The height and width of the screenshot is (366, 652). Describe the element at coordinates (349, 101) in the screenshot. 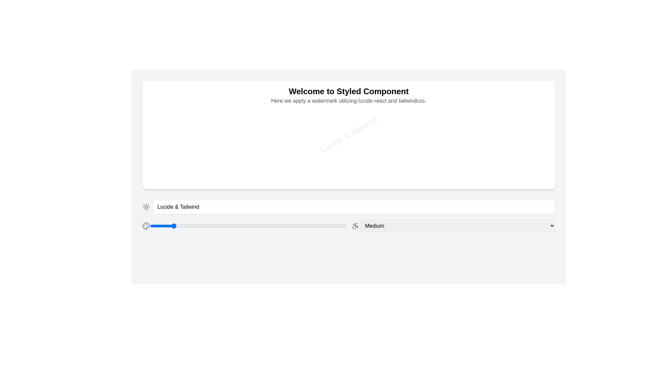

I see `the static text element that provides additional information related to the header 'Welcome to Styled Component.'` at that location.